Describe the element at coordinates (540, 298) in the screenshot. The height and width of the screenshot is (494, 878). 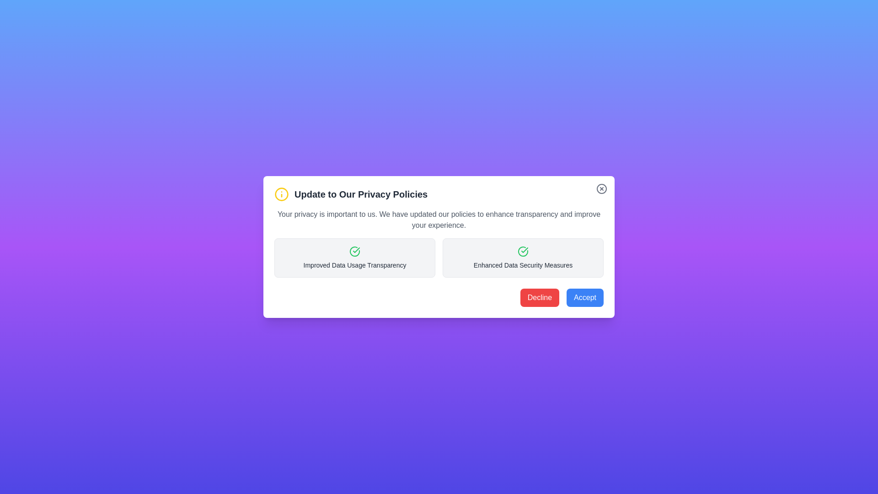
I see `the 'Decline' button to decline the privacy policy` at that location.